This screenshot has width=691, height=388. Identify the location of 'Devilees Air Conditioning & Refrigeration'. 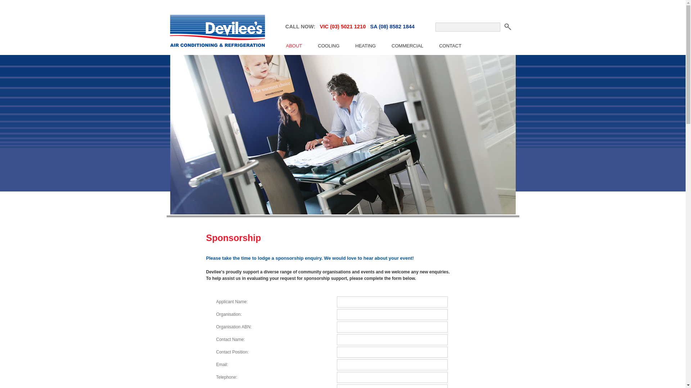
(215, 32).